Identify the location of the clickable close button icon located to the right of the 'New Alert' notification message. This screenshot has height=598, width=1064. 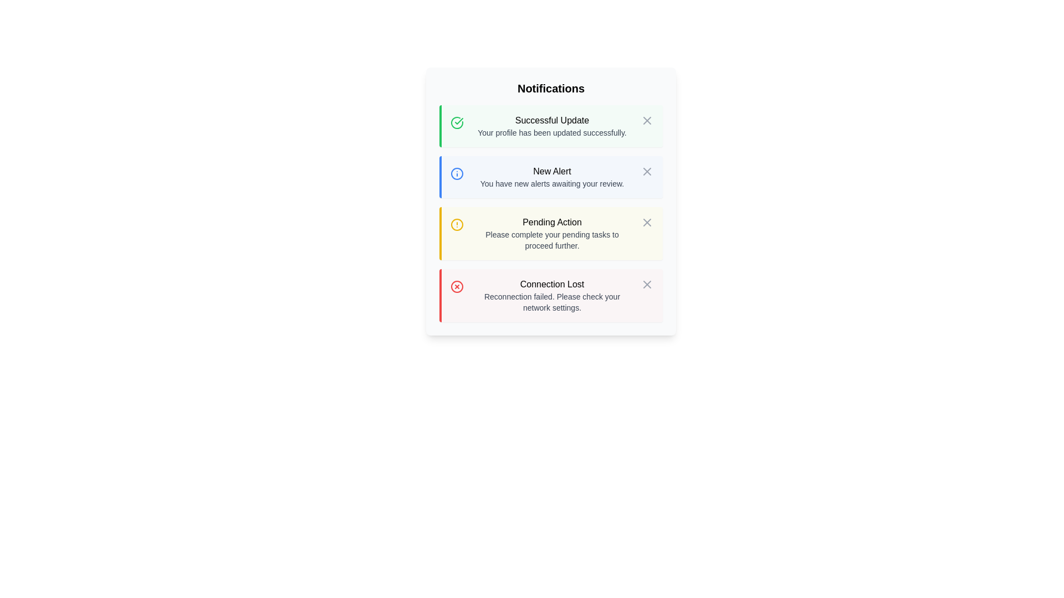
(647, 171).